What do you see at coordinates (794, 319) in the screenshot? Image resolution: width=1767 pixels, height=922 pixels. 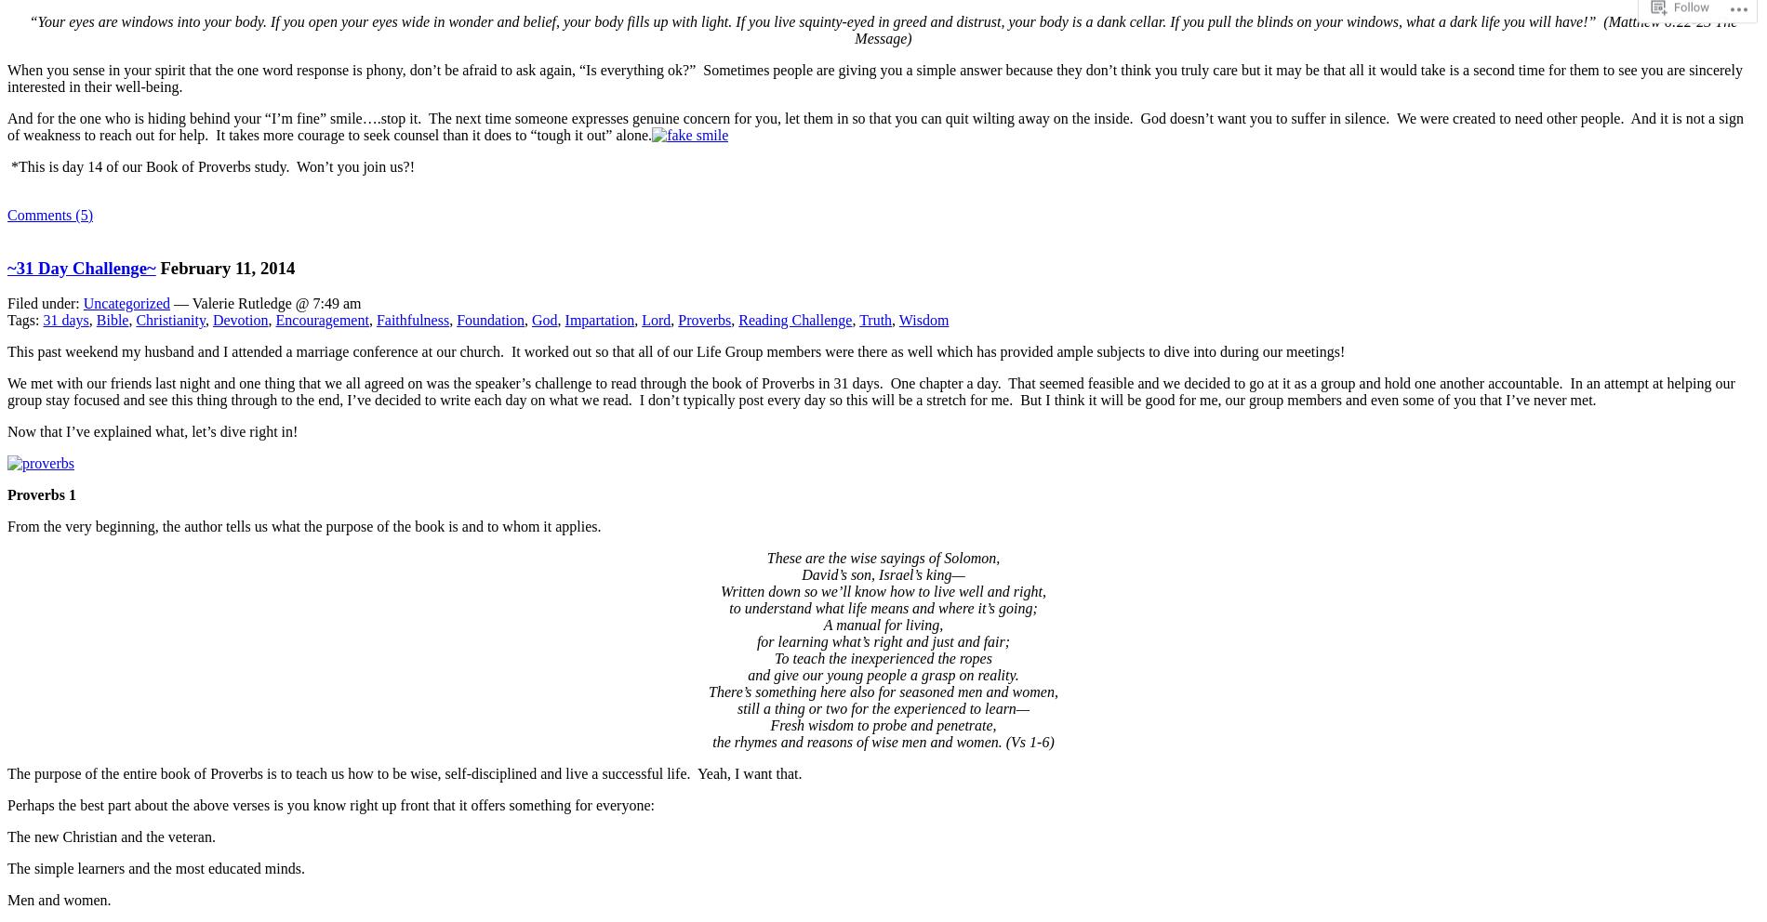 I see `'Reading Challenge'` at bounding box center [794, 319].